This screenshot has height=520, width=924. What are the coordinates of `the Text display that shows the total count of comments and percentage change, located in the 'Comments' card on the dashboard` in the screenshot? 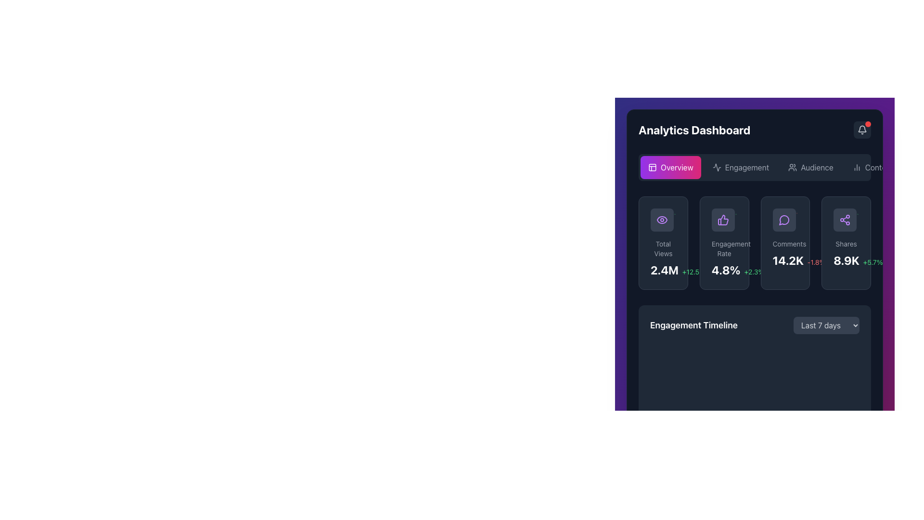 It's located at (785, 260).